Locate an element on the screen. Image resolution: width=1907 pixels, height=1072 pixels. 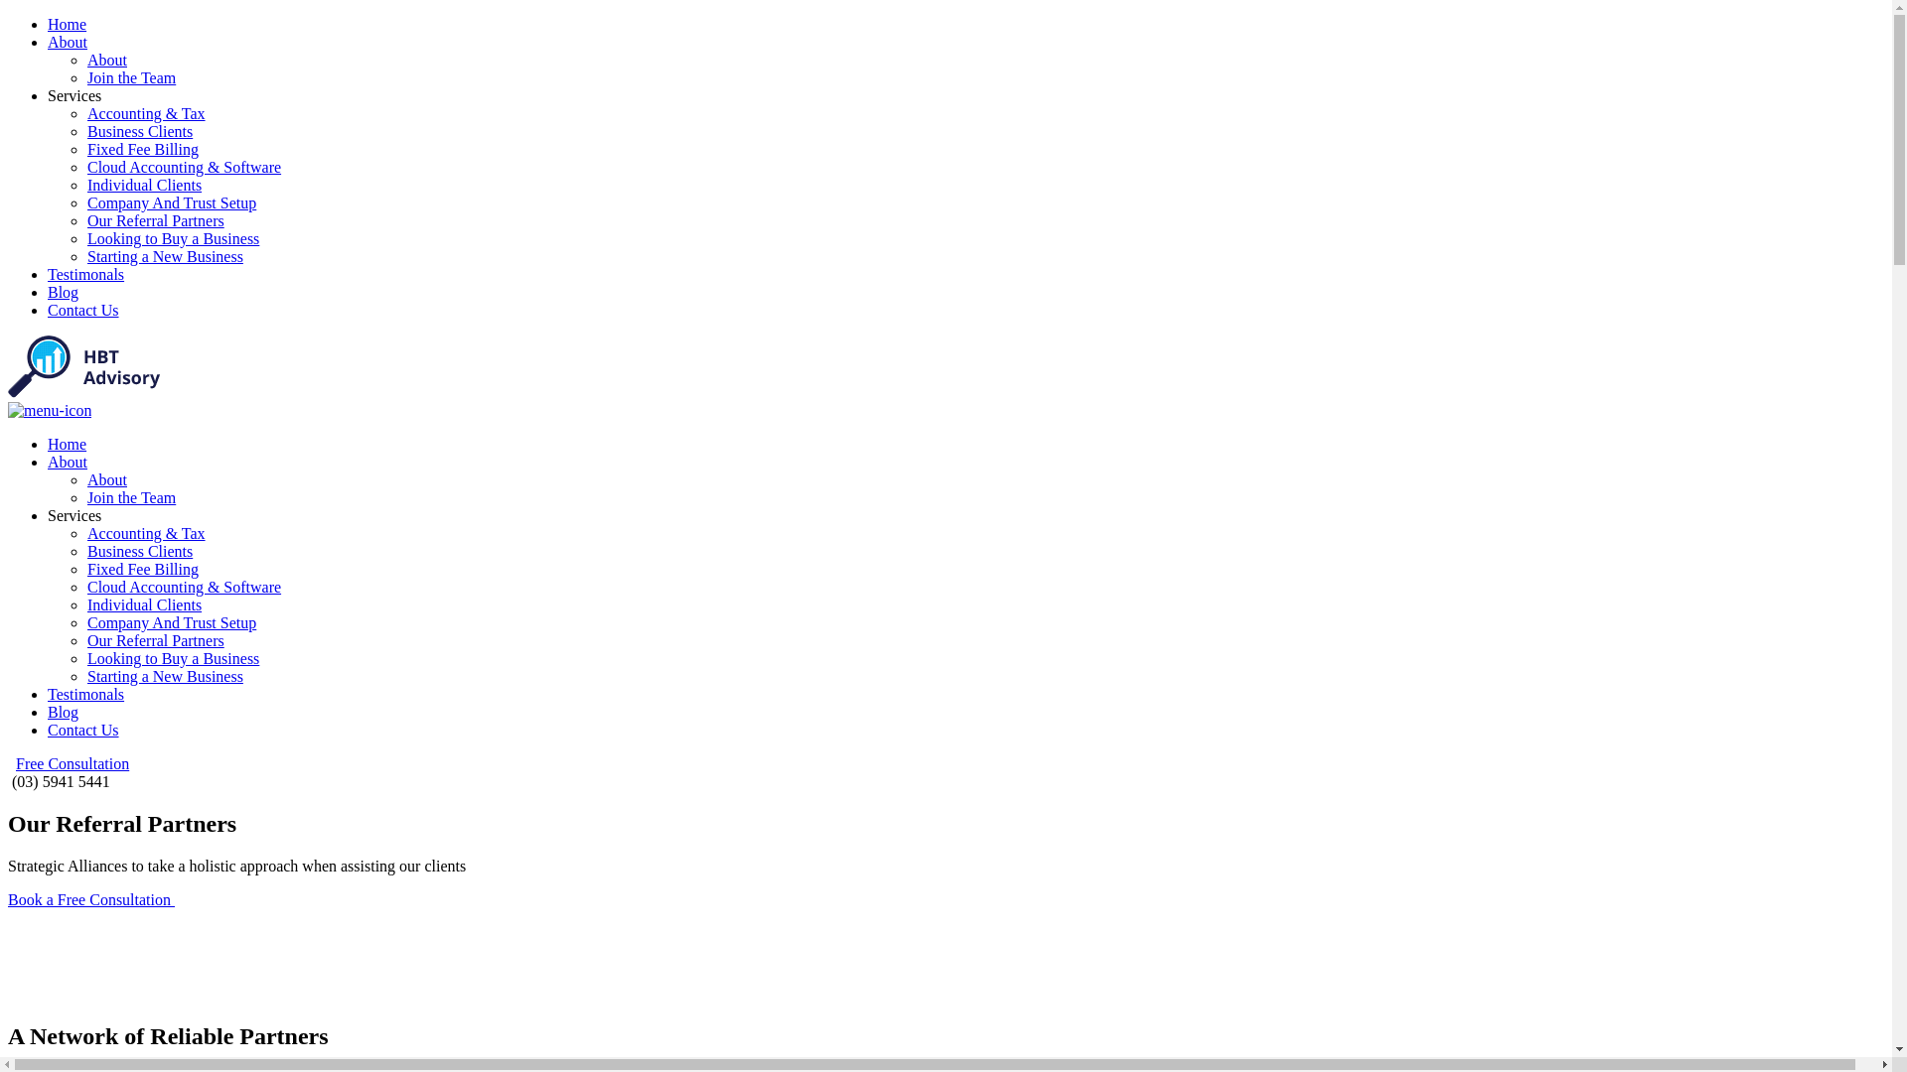
'About' is located at coordinates (67, 42).